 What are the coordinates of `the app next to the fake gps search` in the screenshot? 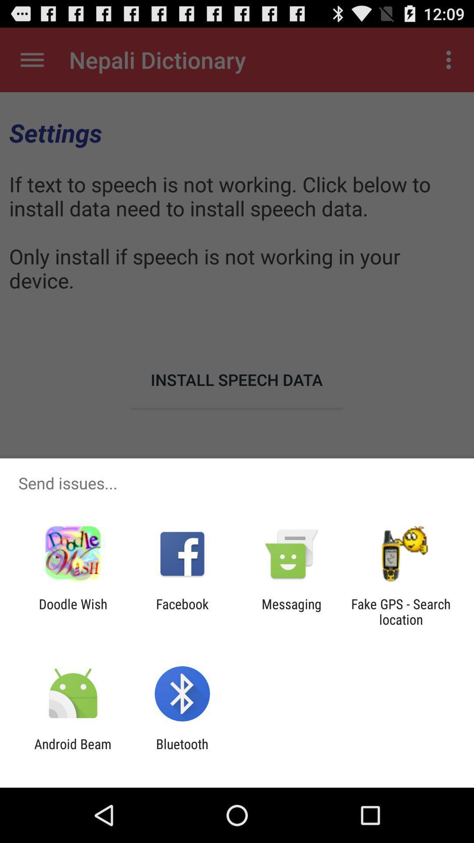 It's located at (291, 611).